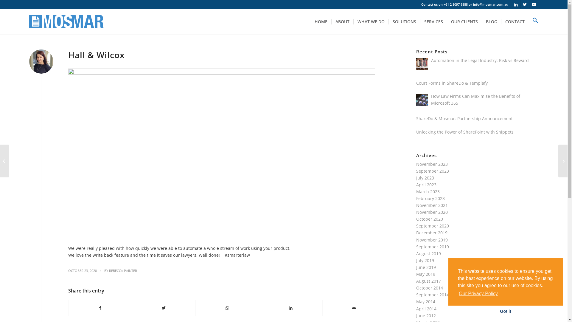 The image size is (572, 322). Describe the element at coordinates (425, 260) in the screenshot. I see `'July 2019'` at that location.